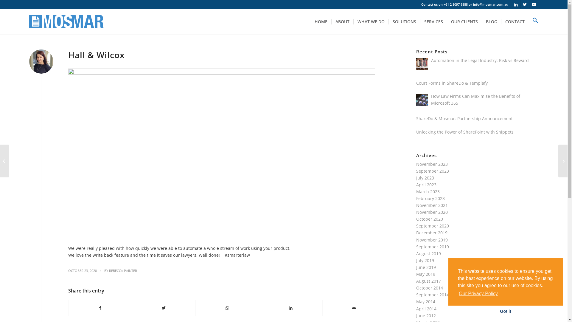 The image size is (572, 322). Describe the element at coordinates (425, 260) in the screenshot. I see `'July 2019'` at that location.